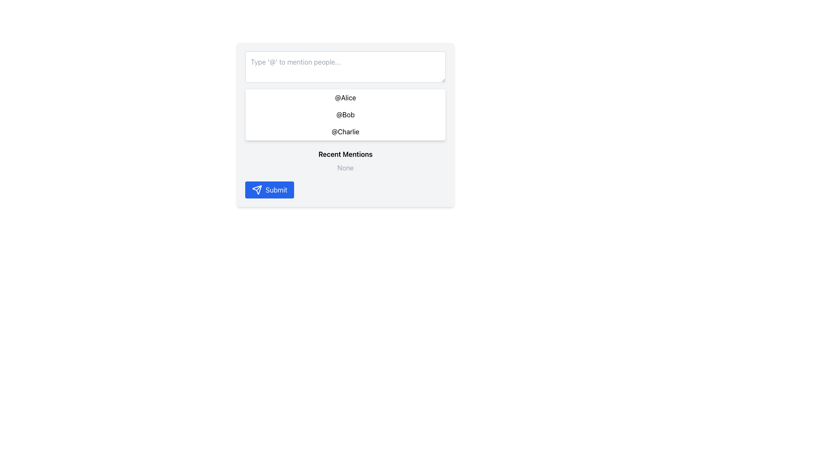 Image resolution: width=816 pixels, height=459 pixels. I want to click on to select the text item '@Alice' from the dropdown list, which is styled with padding and a hover effect that changes the background to blue, so click(345, 97).